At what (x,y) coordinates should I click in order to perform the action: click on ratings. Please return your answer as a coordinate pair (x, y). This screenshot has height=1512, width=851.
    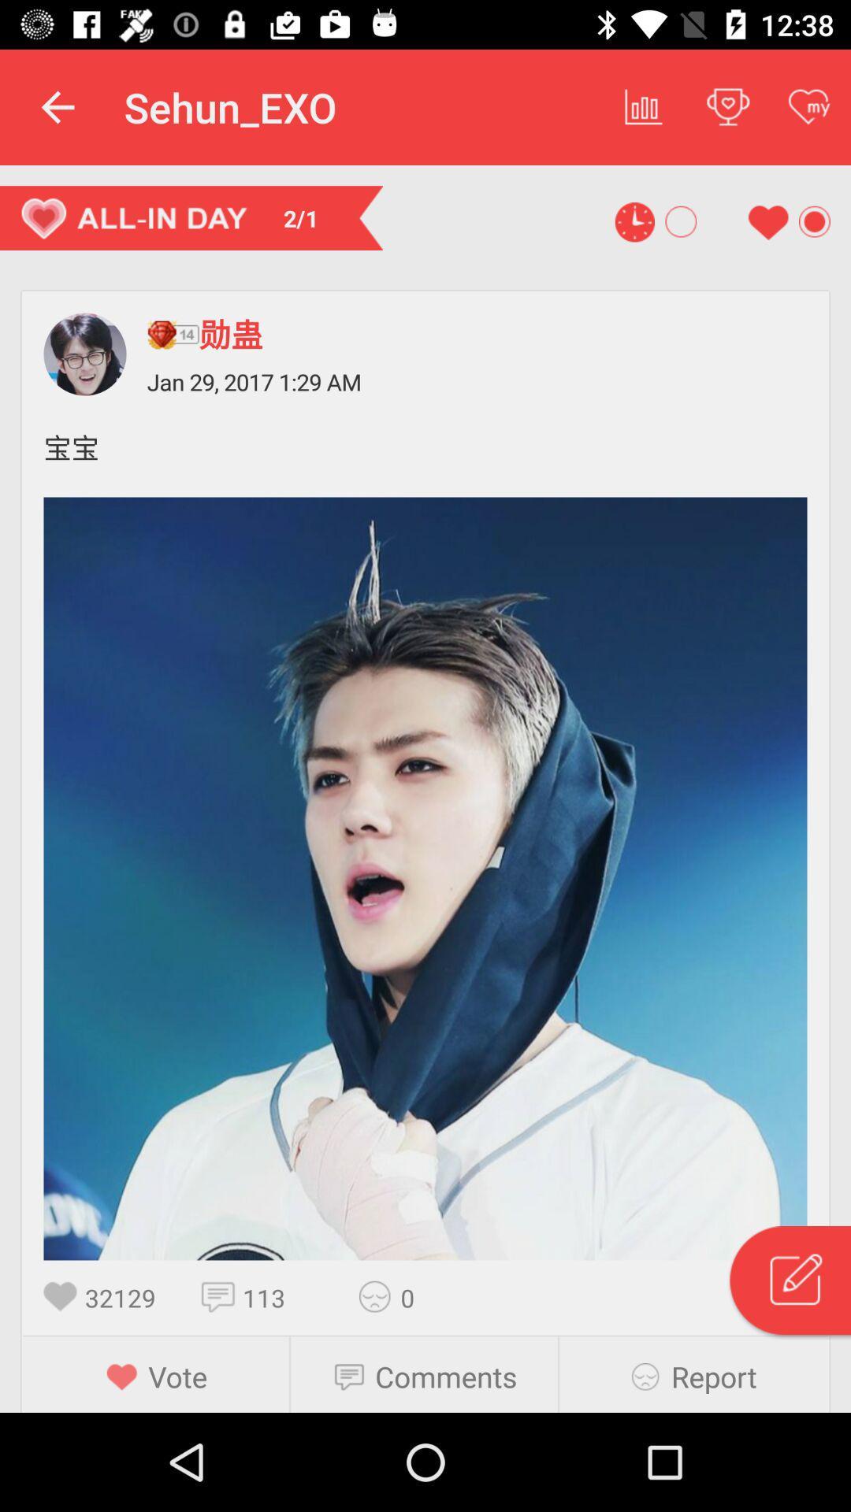
    Looking at the image, I should click on (380, 1296).